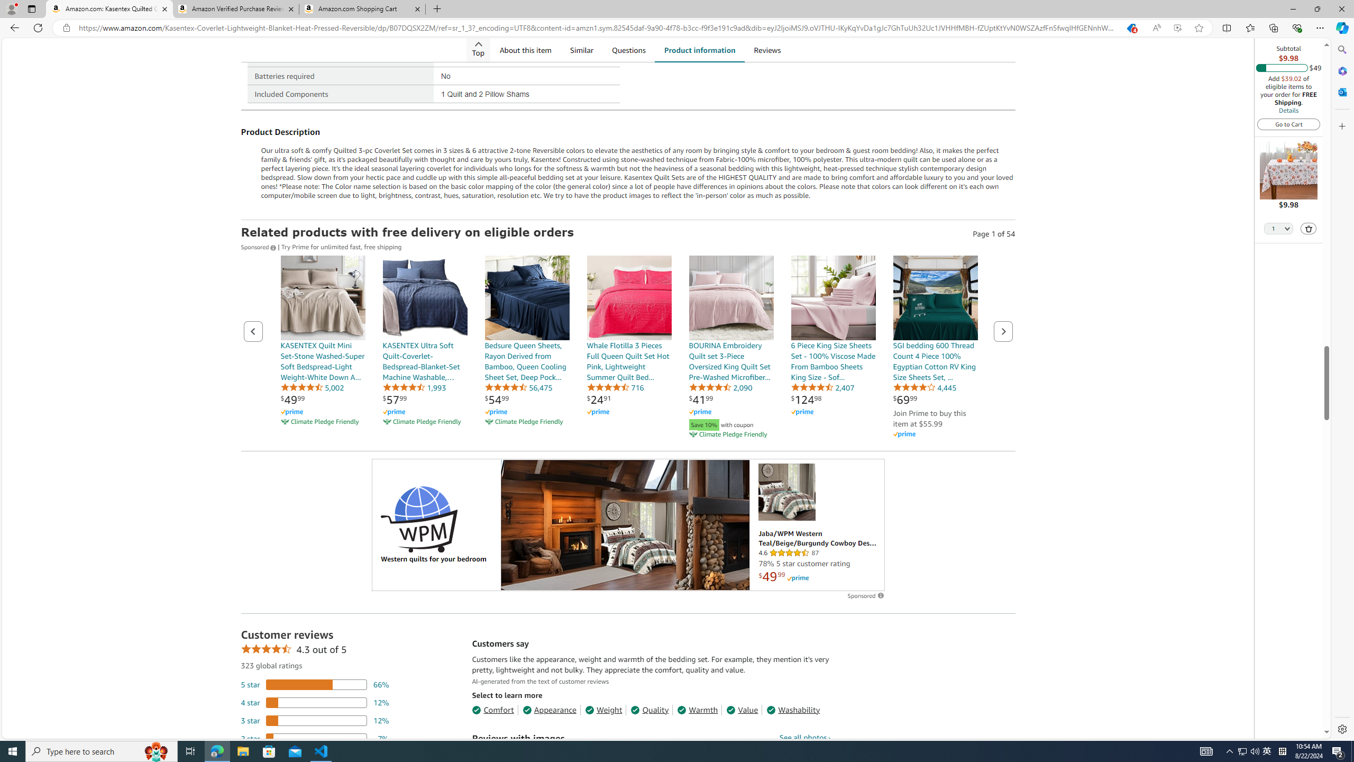 This screenshot has width=1354, height=762. Describe the element at coordinates (699, 49) in the screenshot. I see `'Product information'` at that location.